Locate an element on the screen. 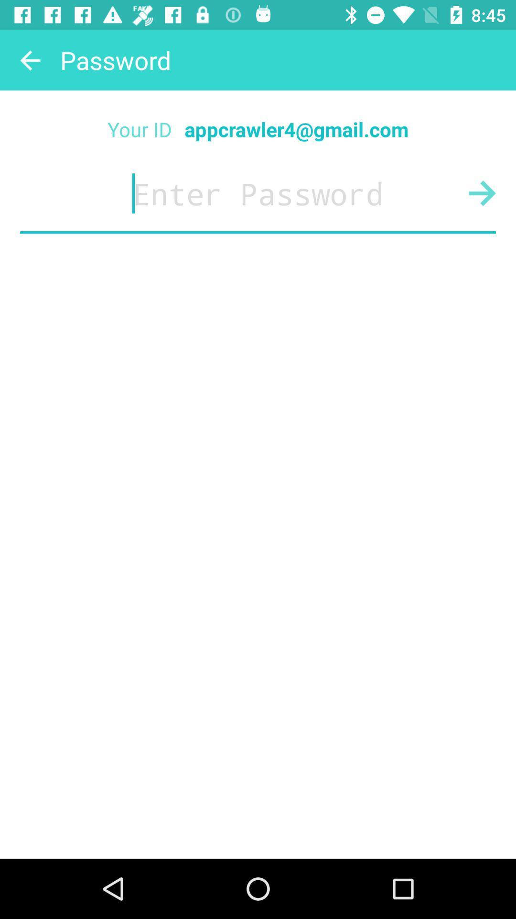 The height and width of the screenshot is (919, 516). the arrow_forward icon is located at coordinates (482, 192).